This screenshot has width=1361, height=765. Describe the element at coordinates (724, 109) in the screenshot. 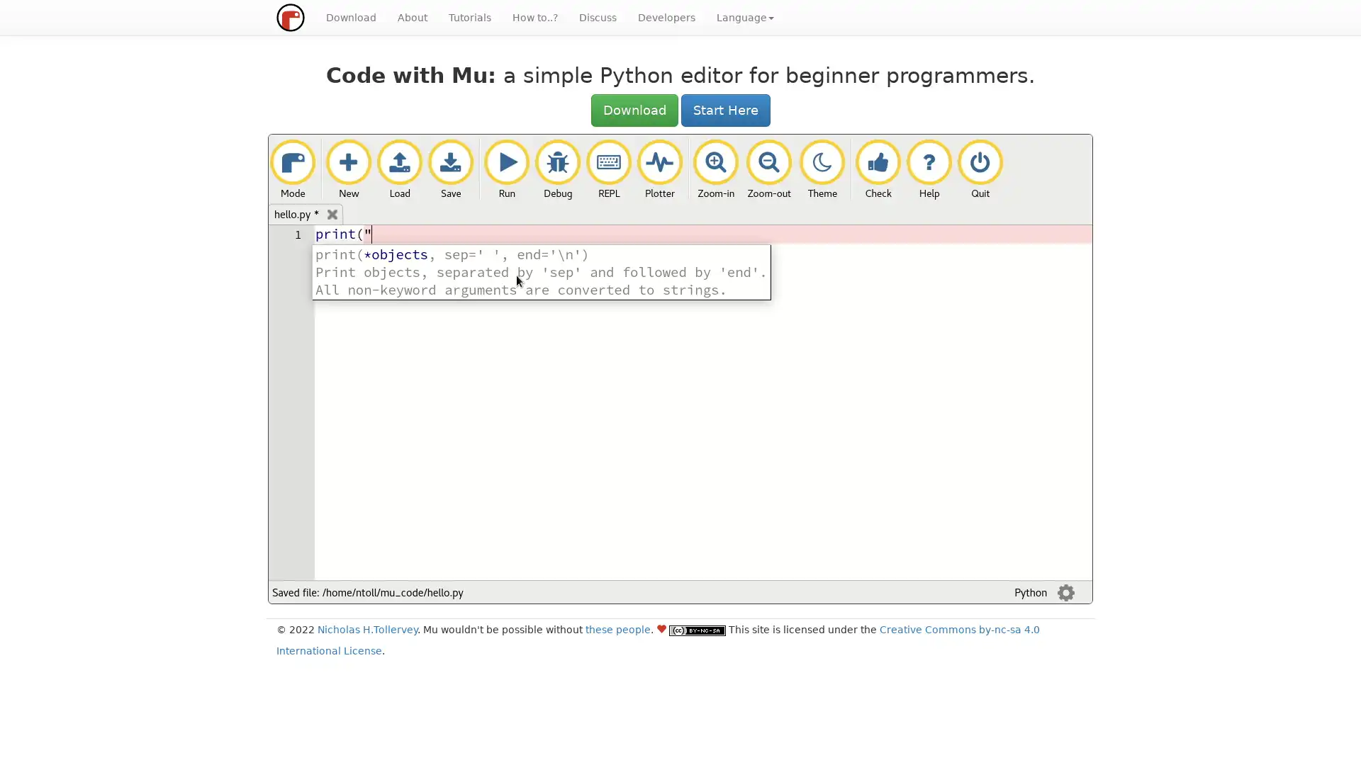

I see `Start Here` at that location.